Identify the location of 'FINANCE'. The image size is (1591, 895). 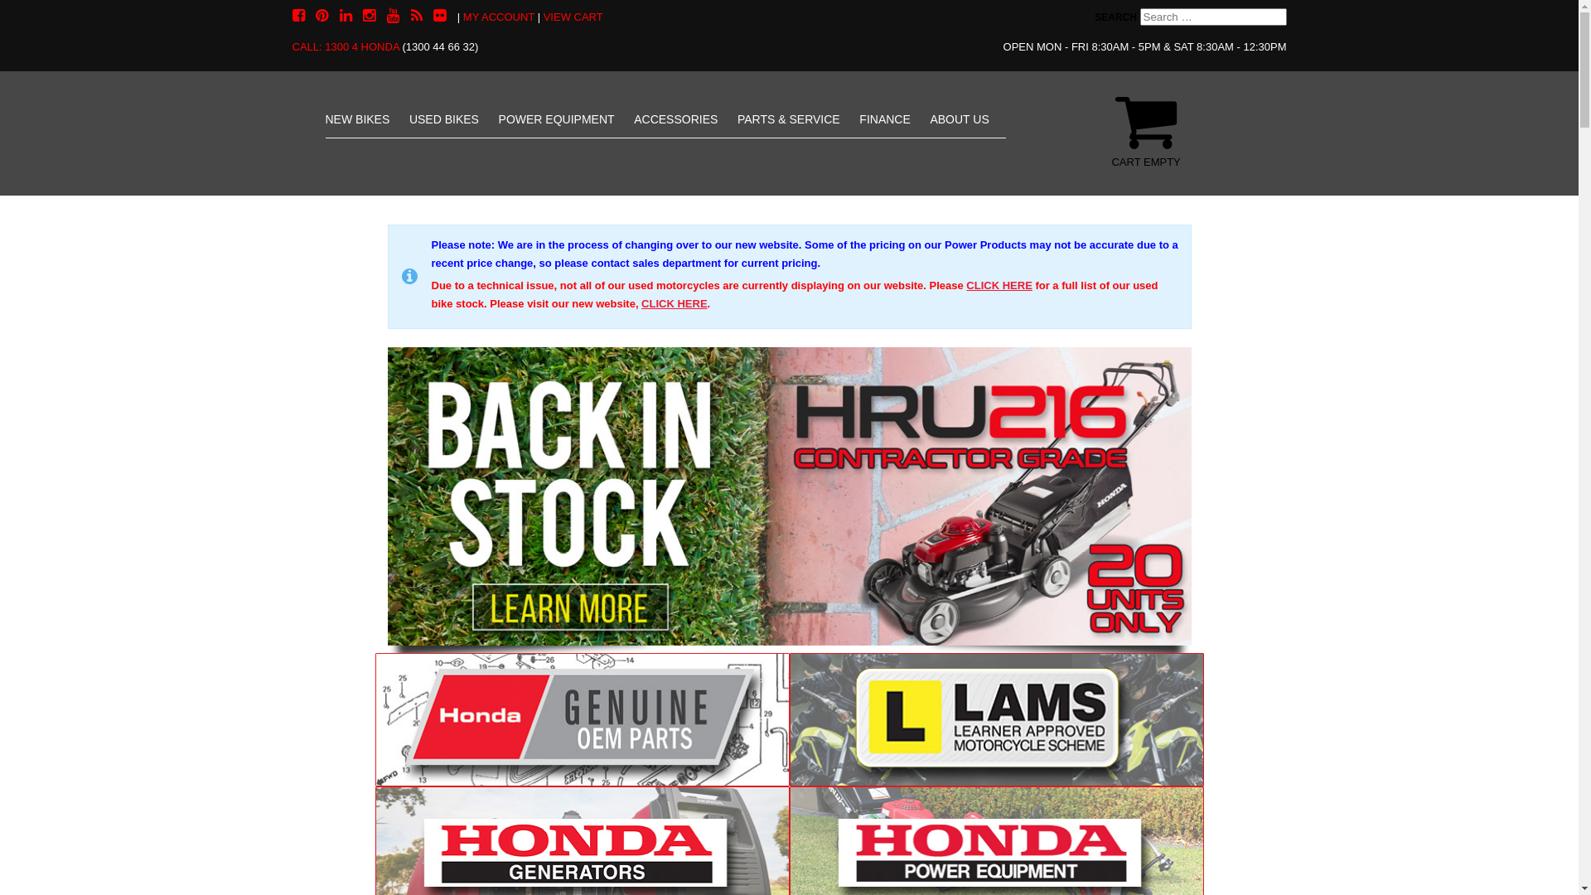
(883, 118).